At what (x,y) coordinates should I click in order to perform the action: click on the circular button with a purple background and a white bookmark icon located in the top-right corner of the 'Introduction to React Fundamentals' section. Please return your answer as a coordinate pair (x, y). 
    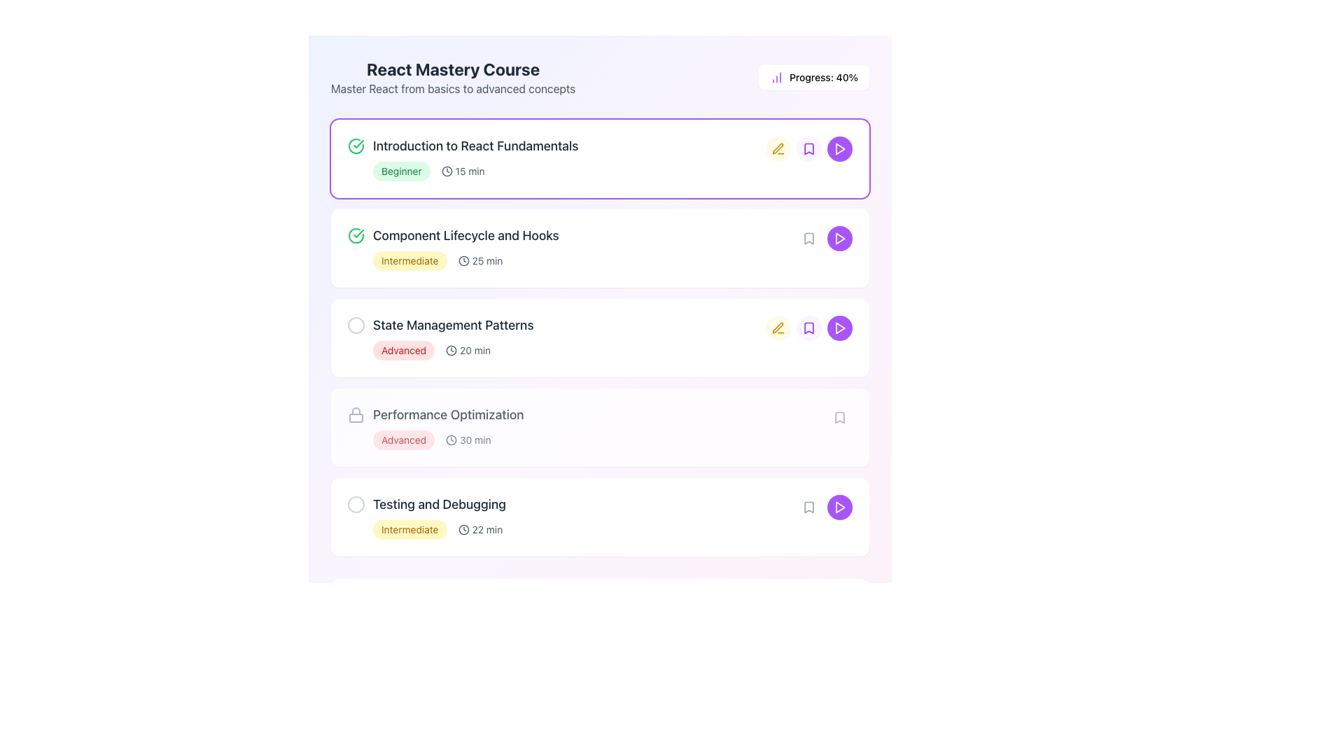
    Looking at the image, I should click on (809, 148).